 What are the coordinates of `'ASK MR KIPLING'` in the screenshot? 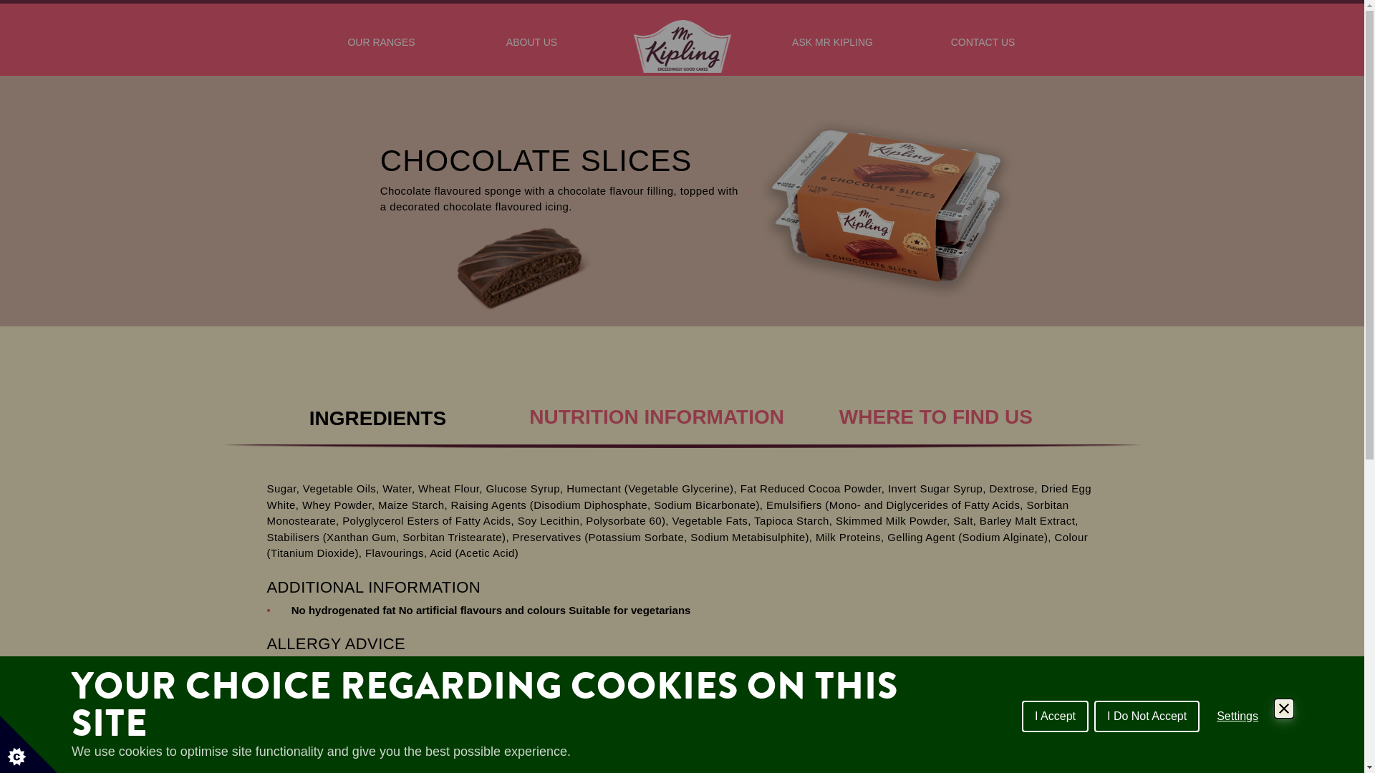 It's located at (832, 49).